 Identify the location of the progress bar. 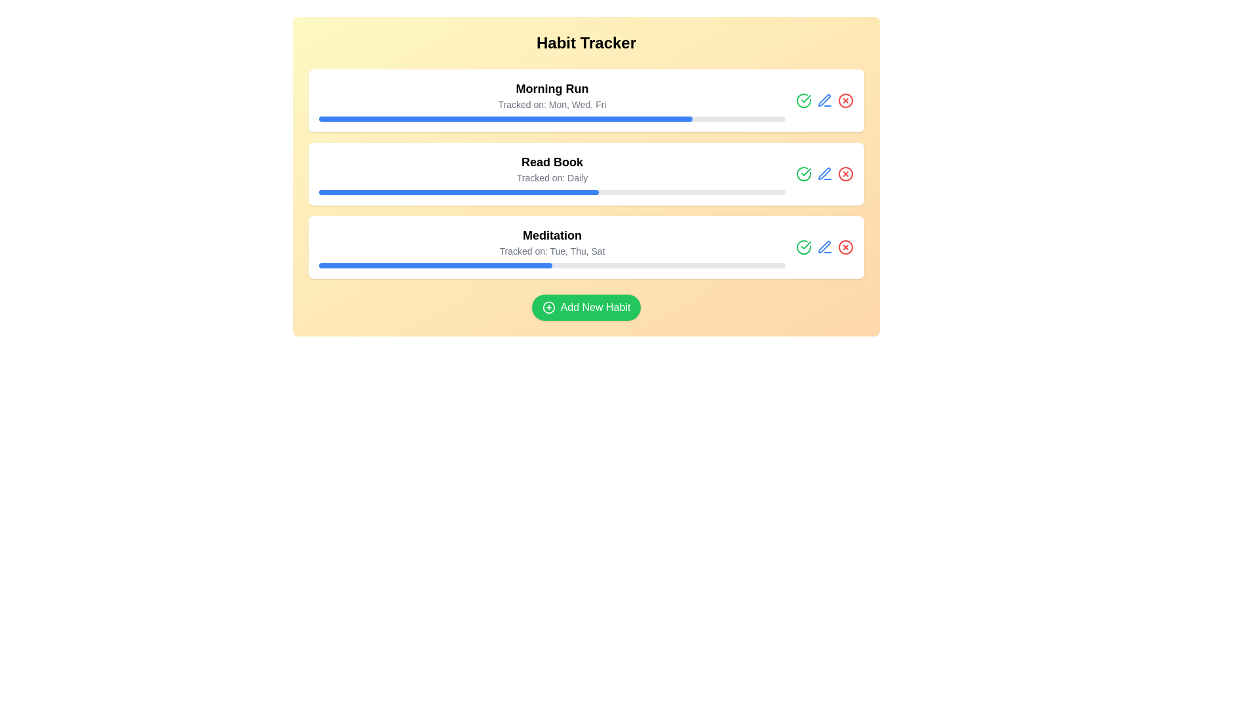
(344, 192).